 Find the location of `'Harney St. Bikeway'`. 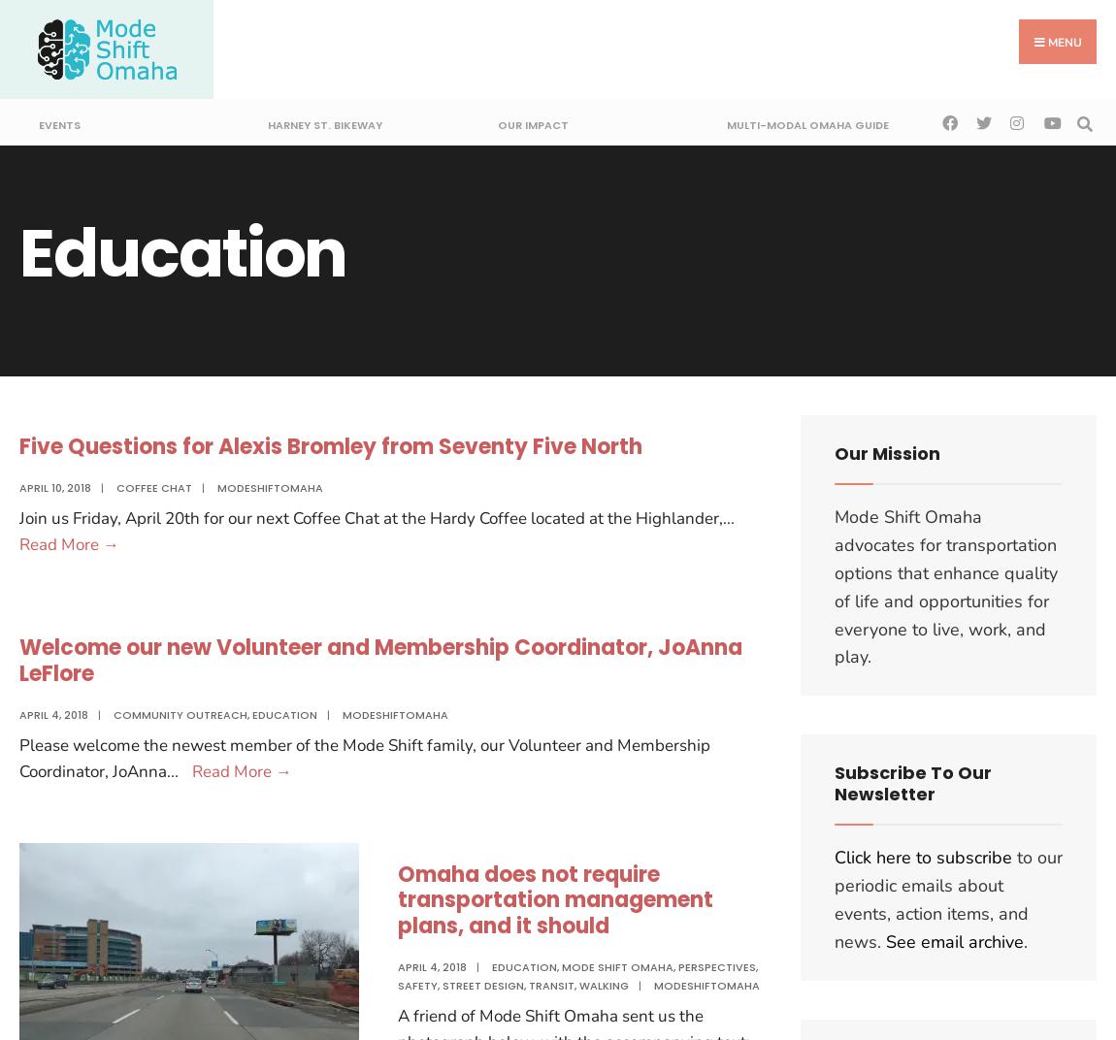

'Harney St. Bikeway' is located at coordinates (324, 124).